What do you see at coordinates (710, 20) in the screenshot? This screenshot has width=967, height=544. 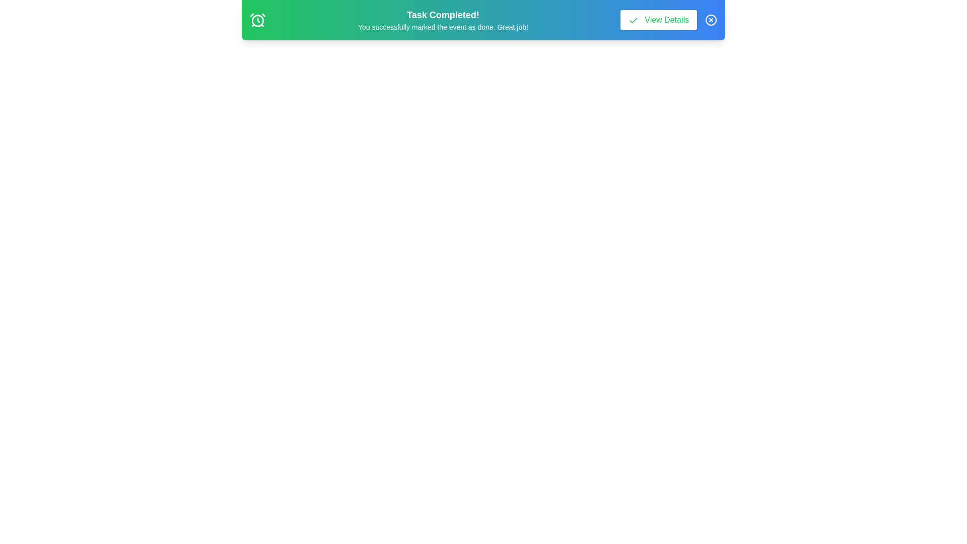 I see `the banner element close_button` at bounding box center [710, 20].